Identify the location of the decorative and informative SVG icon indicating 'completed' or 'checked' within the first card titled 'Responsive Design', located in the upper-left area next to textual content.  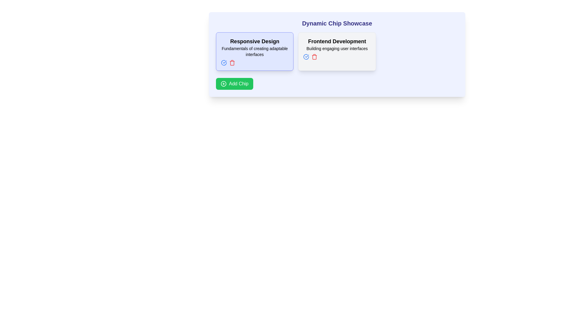
(224, 63).